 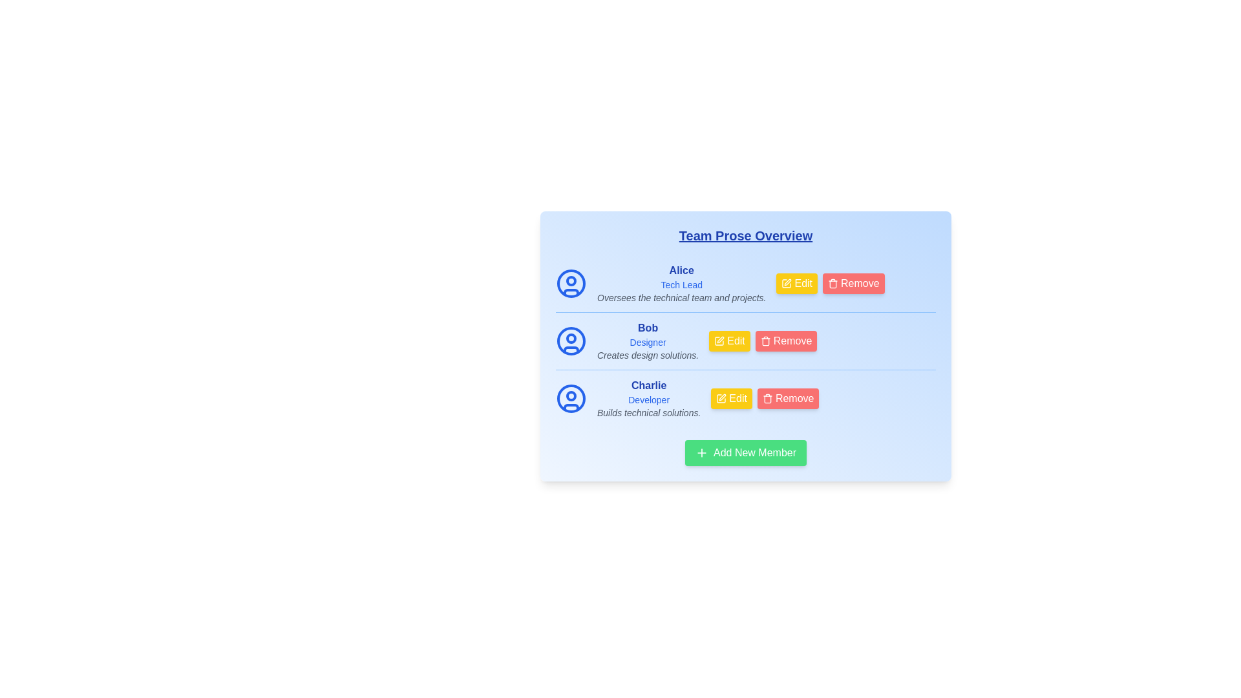 I want to click on the 'Edit' button on the middle profile entry in the team members list, located below the 'Team Prose Overview' header, so click(x=745, y=340).